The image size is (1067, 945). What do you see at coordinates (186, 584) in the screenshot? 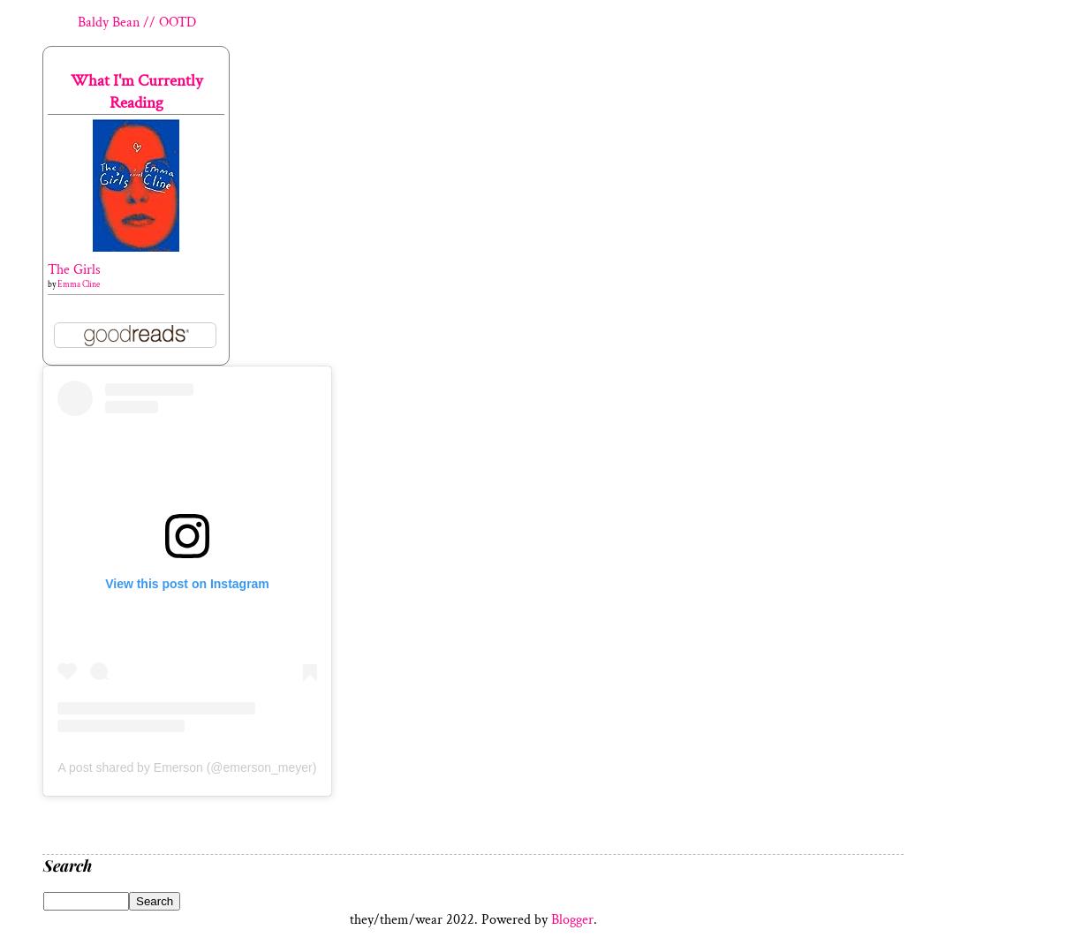
I see `'View this post on Instagram'` at bounding box center [186, 584].